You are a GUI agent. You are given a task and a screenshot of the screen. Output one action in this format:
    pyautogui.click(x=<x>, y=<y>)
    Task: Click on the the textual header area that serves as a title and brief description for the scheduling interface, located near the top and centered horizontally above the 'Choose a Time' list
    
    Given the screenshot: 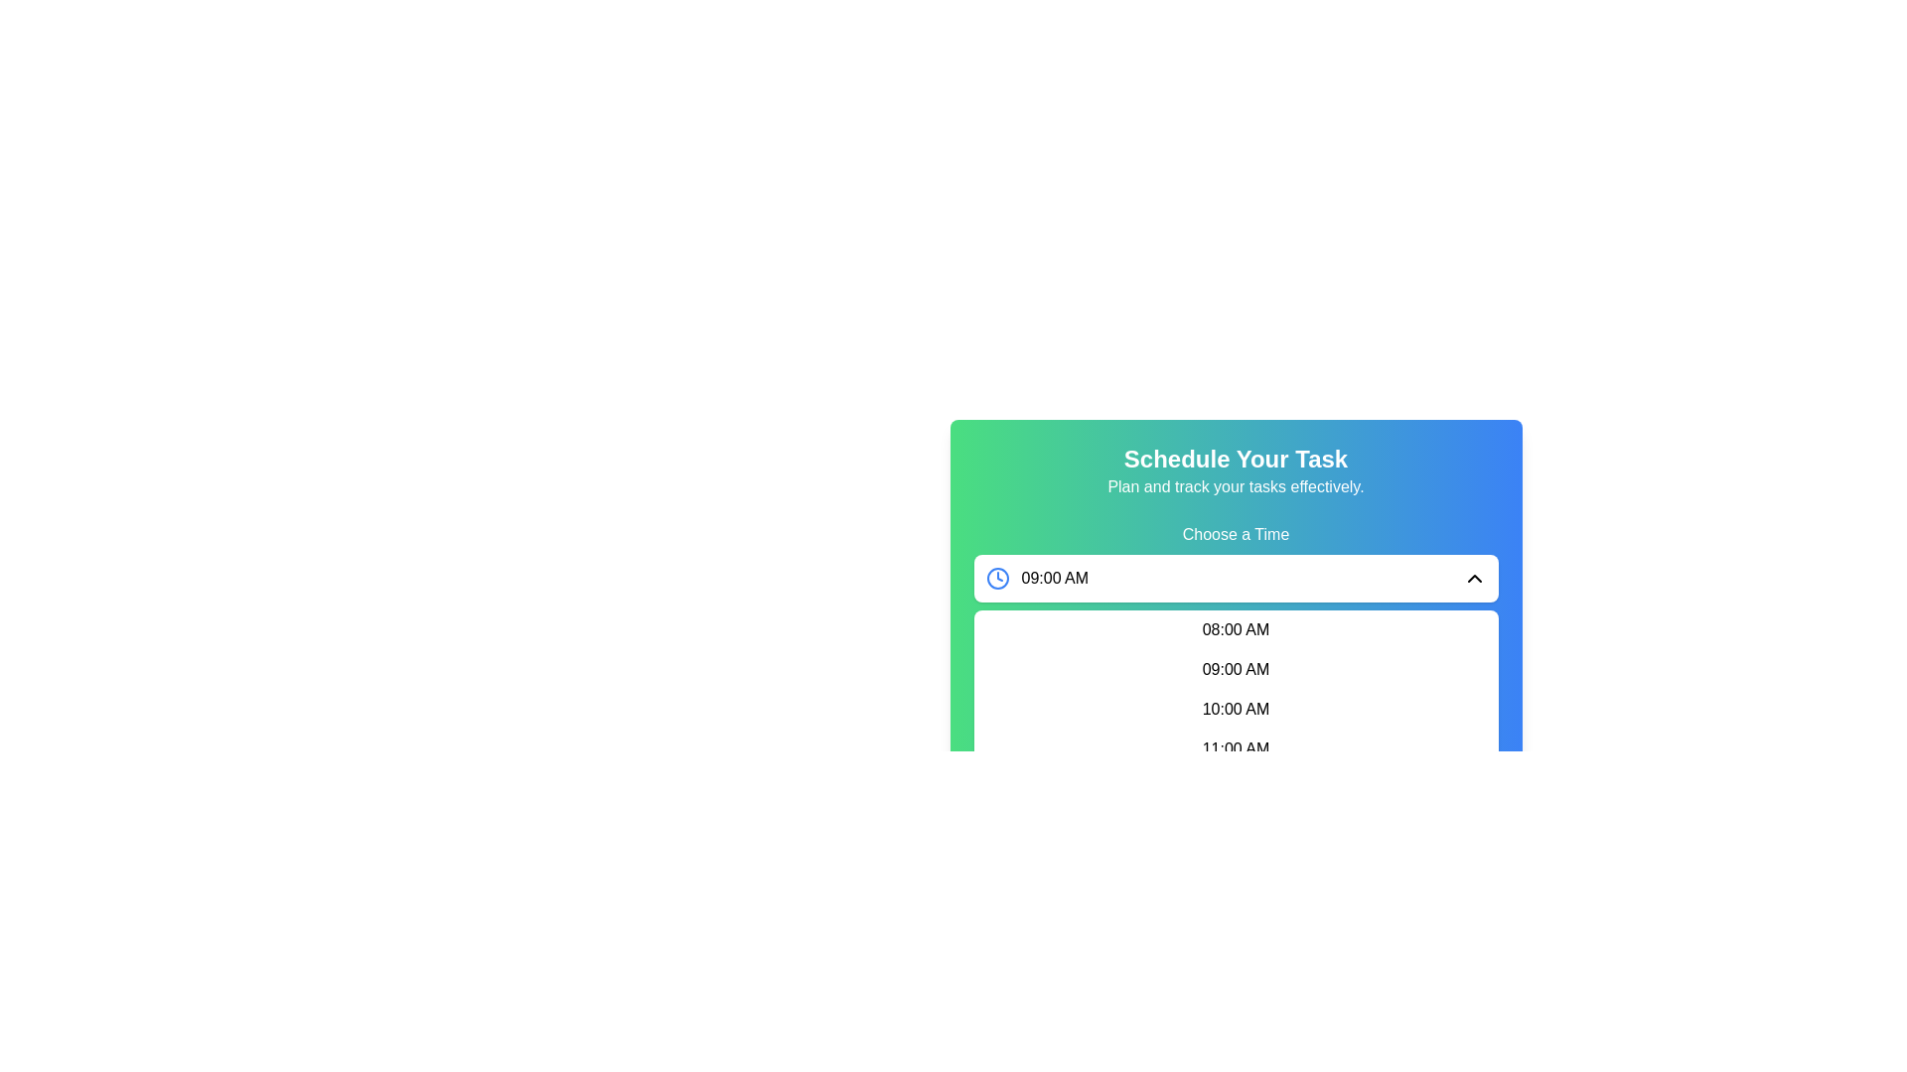 What is the action you would take?
    pyautogui.click(x=1235, y=470)
    